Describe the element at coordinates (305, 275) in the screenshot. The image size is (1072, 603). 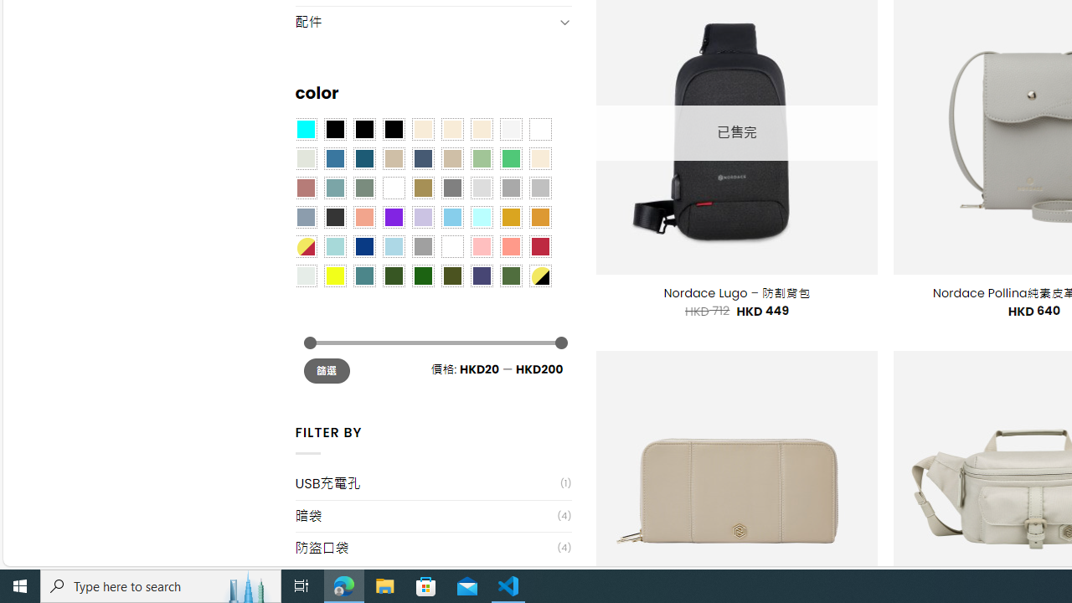
I see `'Dull Nickle'` at that location.